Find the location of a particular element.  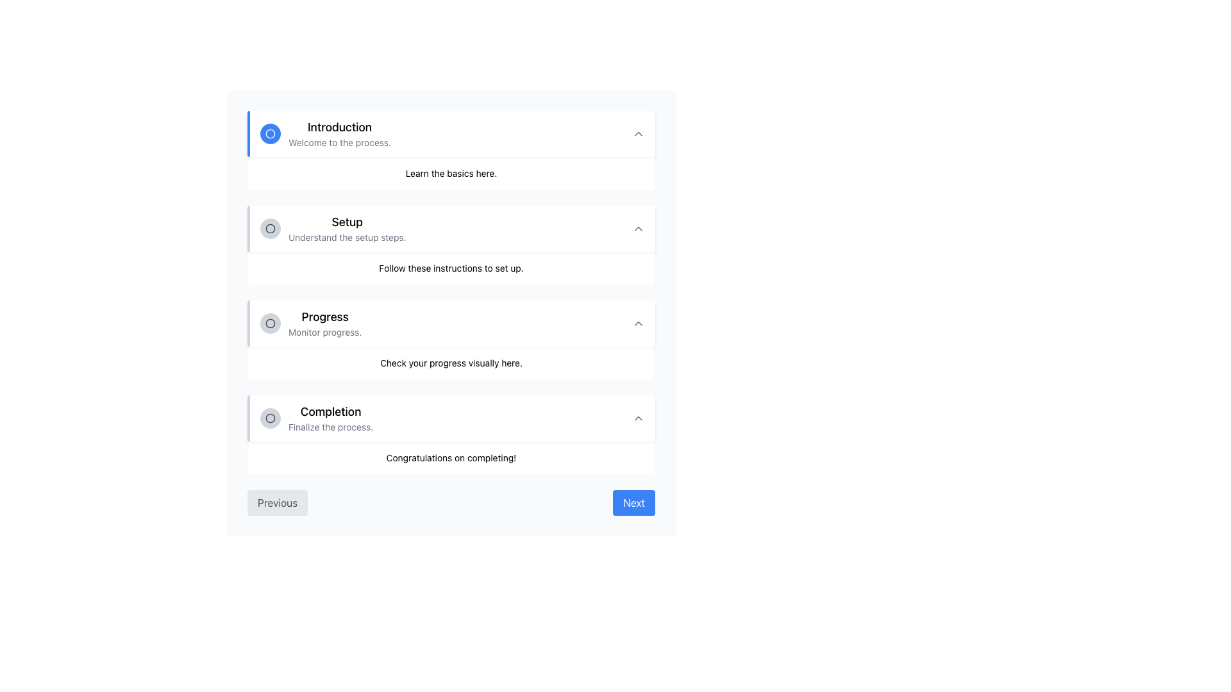

the upward-pointing chevron icon in the upper right corner of the 'Introduction' collapsible panel is located at coordinates (639, 133).